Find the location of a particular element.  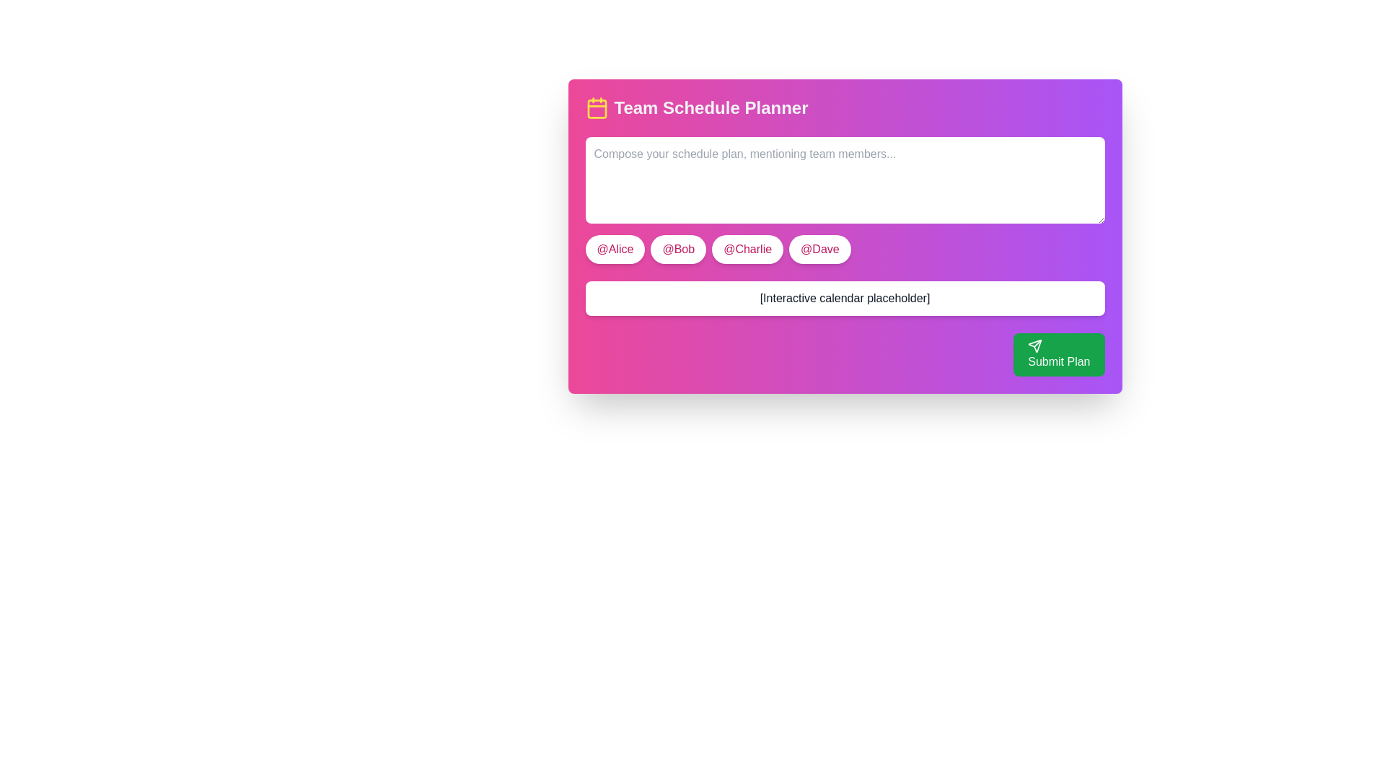

the button that mentions or tags the user 'Charlie', which is the third button in a group of four buttons arranged horizontally is located at coordinates (747, 249).